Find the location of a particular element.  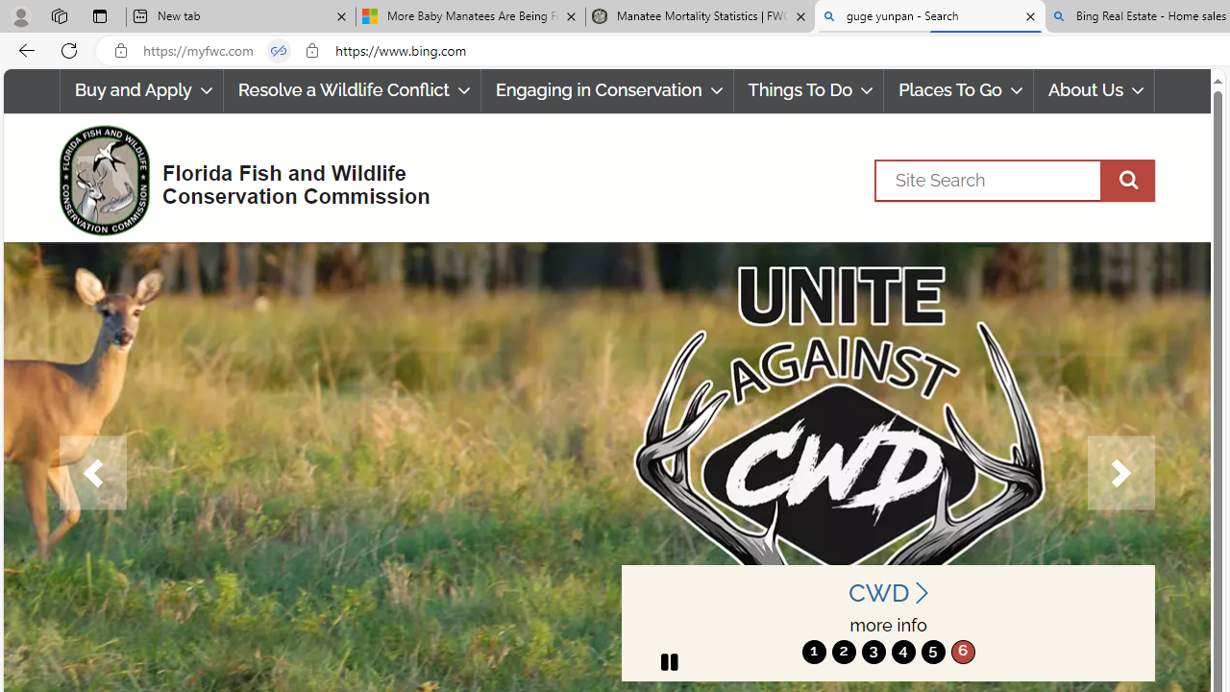

'execute site search' is located at coordinates (1127, 180).